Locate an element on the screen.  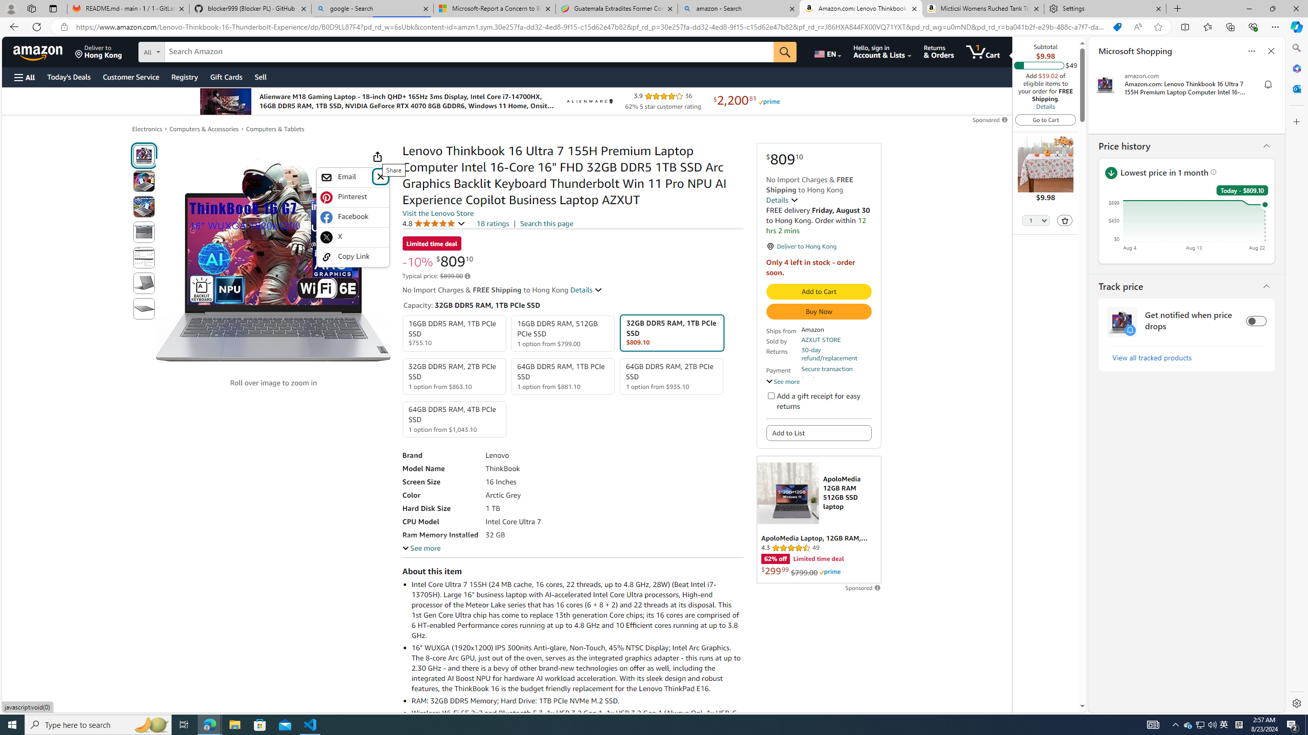
'RAM: 32GB DDR5 Memory; Hard Drive: 1TB PCIe NVMe M.2 SSD.' is located at coordinates (576, 700).